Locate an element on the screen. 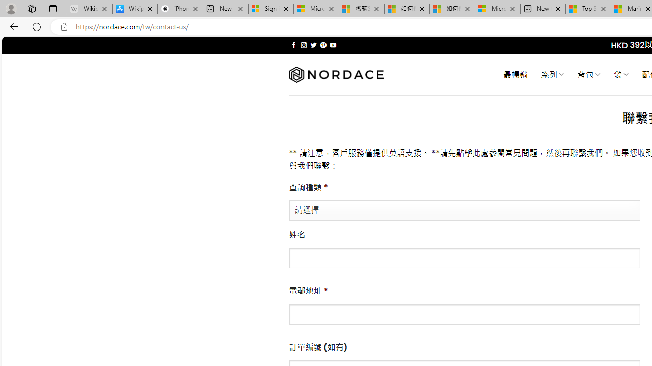 The image size is (652, 366). 'Follow on YouTube' is located at coordinates (333, 45).